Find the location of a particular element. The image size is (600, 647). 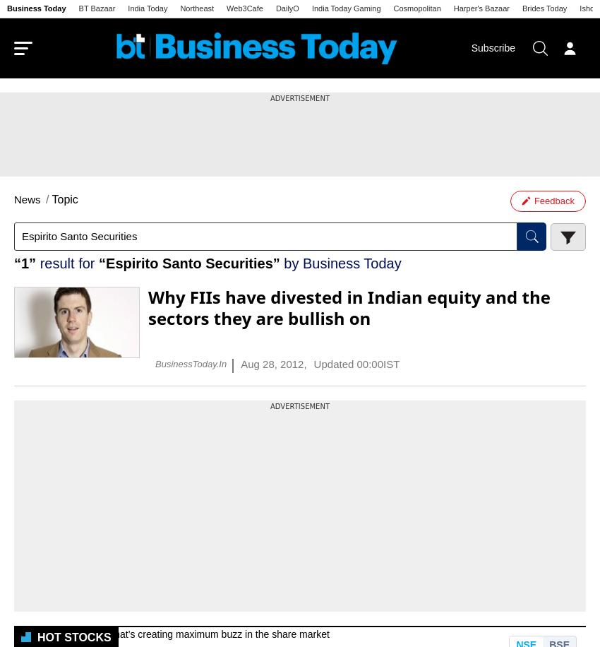

'Harper's Bazaar' is located at coordinates (480, 8).